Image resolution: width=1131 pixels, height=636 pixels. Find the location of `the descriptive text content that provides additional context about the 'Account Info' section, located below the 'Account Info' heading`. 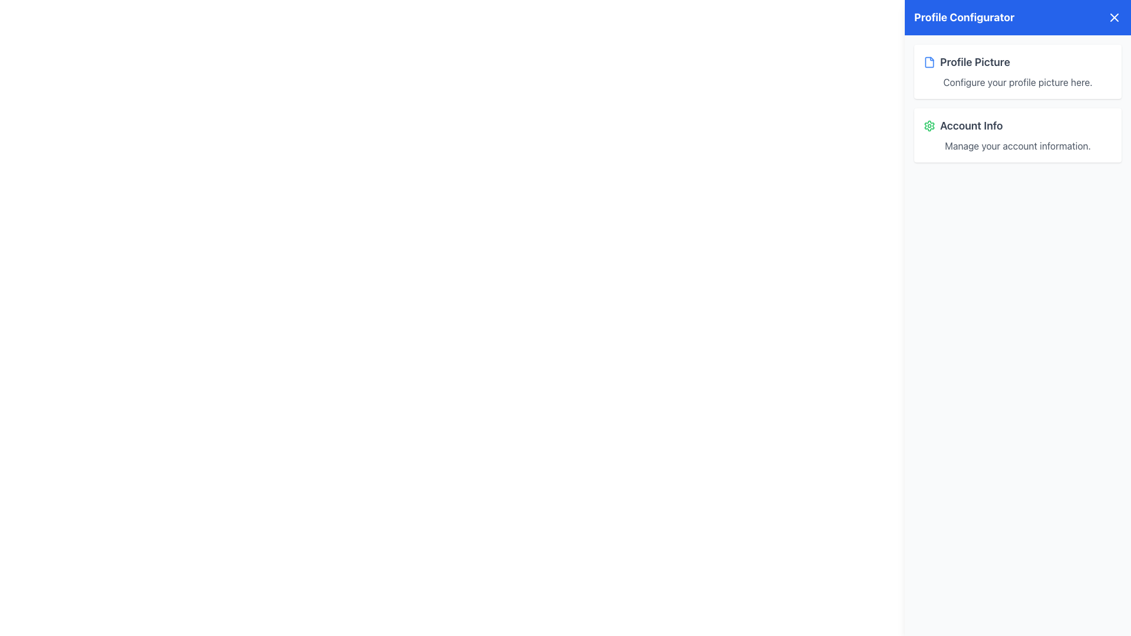

the descriptive text content that provides additional context about the 'Account Info' section, located below the 'Account Info' heading is located at coordinates (1017, 145).